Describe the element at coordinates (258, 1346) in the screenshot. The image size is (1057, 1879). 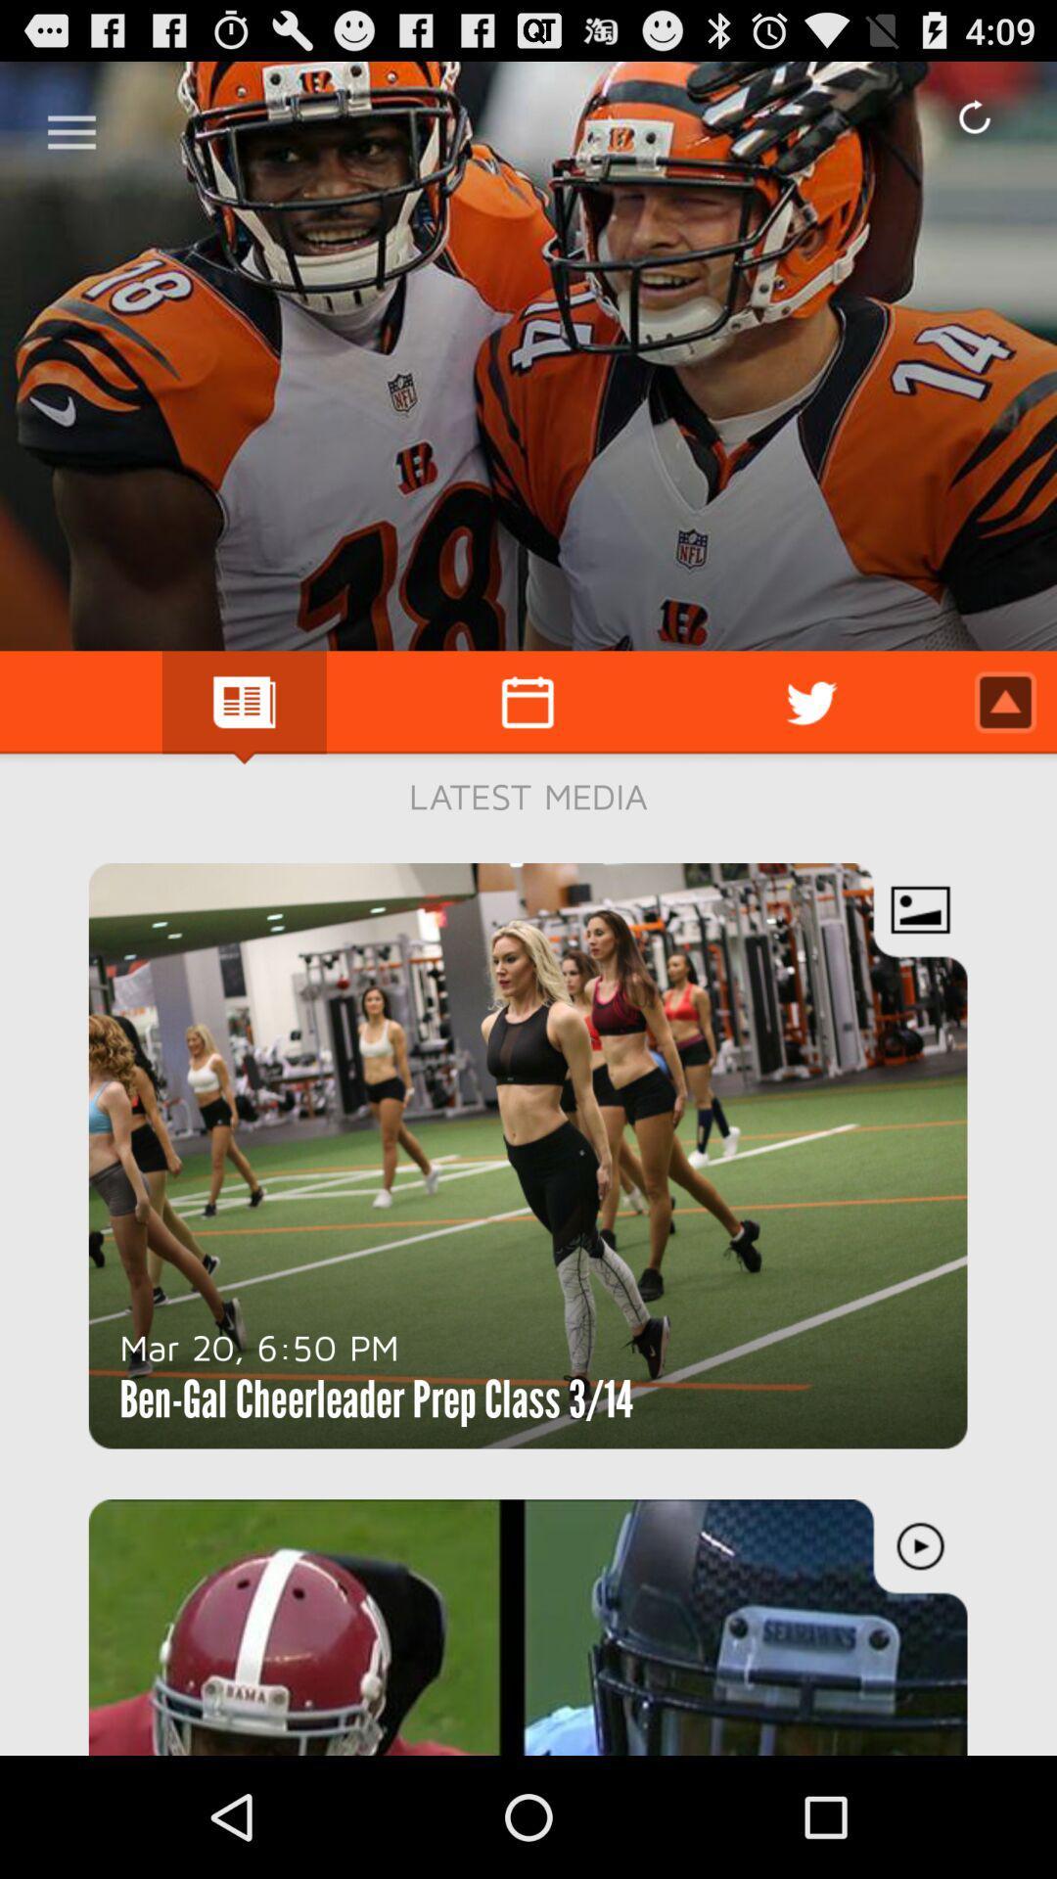
I see `the item above ben gal cheerleader item` at that location.